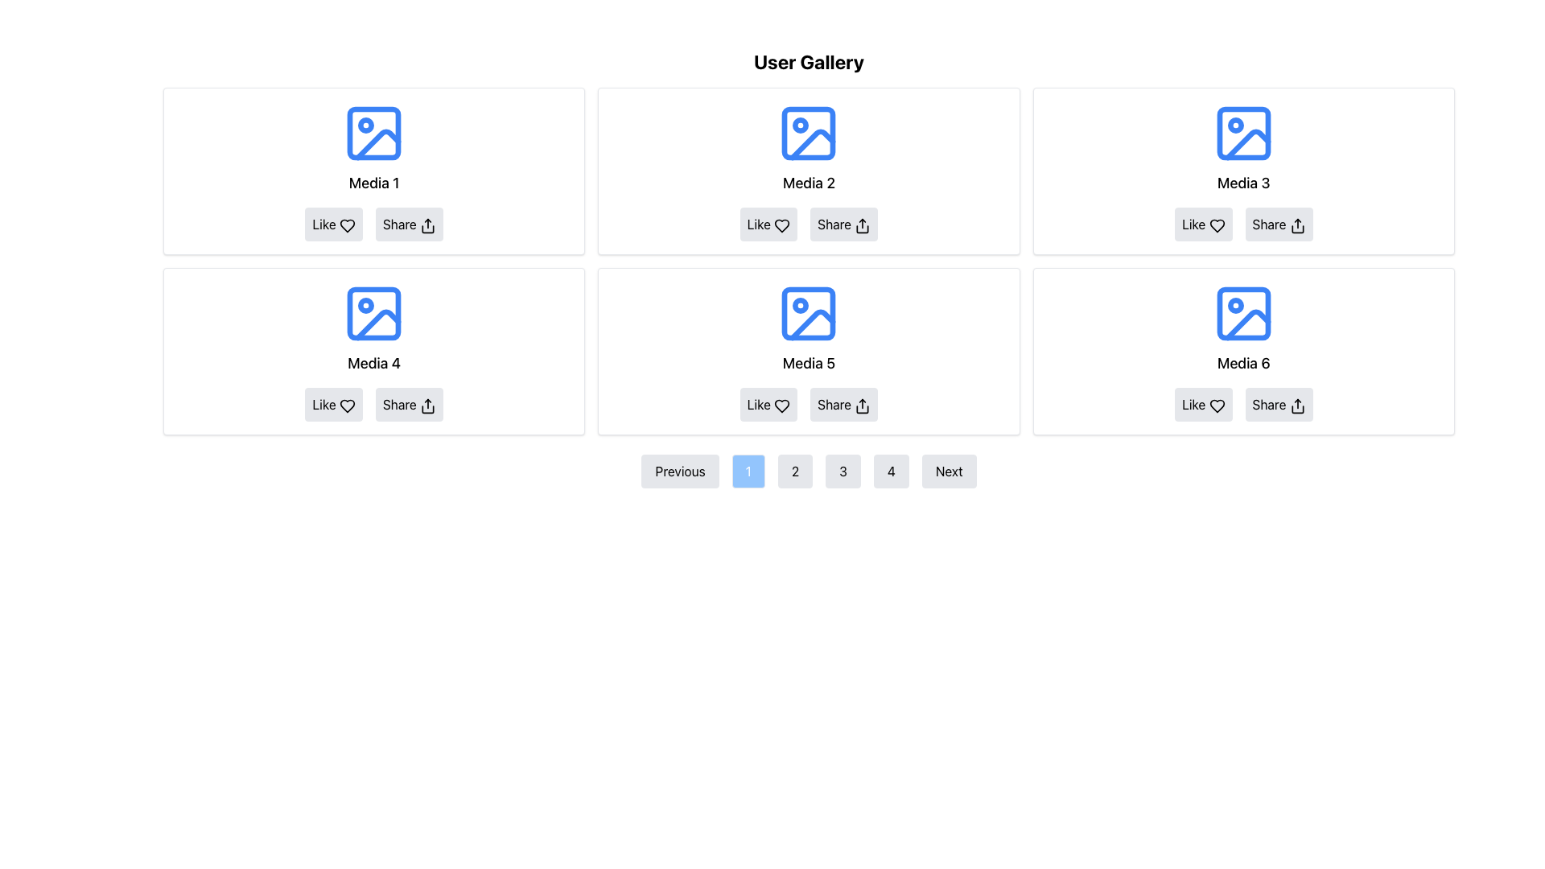 Image resolution: width=1545 pixels, height=869 pixels. I want to click on the 'Like' button, which is a light gray button with rounded corners and a heart icon, located directly under the 'Media 1' section in the top-left quadrant of the interface, so click(332, 224).